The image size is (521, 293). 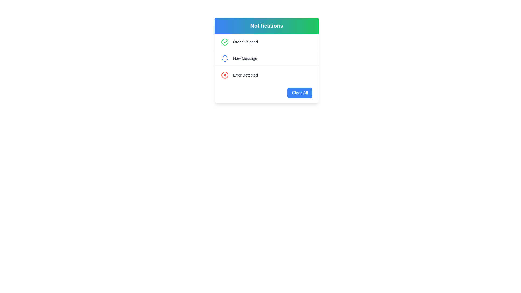 I want to click on the descriptive text label in the notifications list that indicates the status of an order, positioned to the right of the green checkmark icon, so click(x=245, y=42).